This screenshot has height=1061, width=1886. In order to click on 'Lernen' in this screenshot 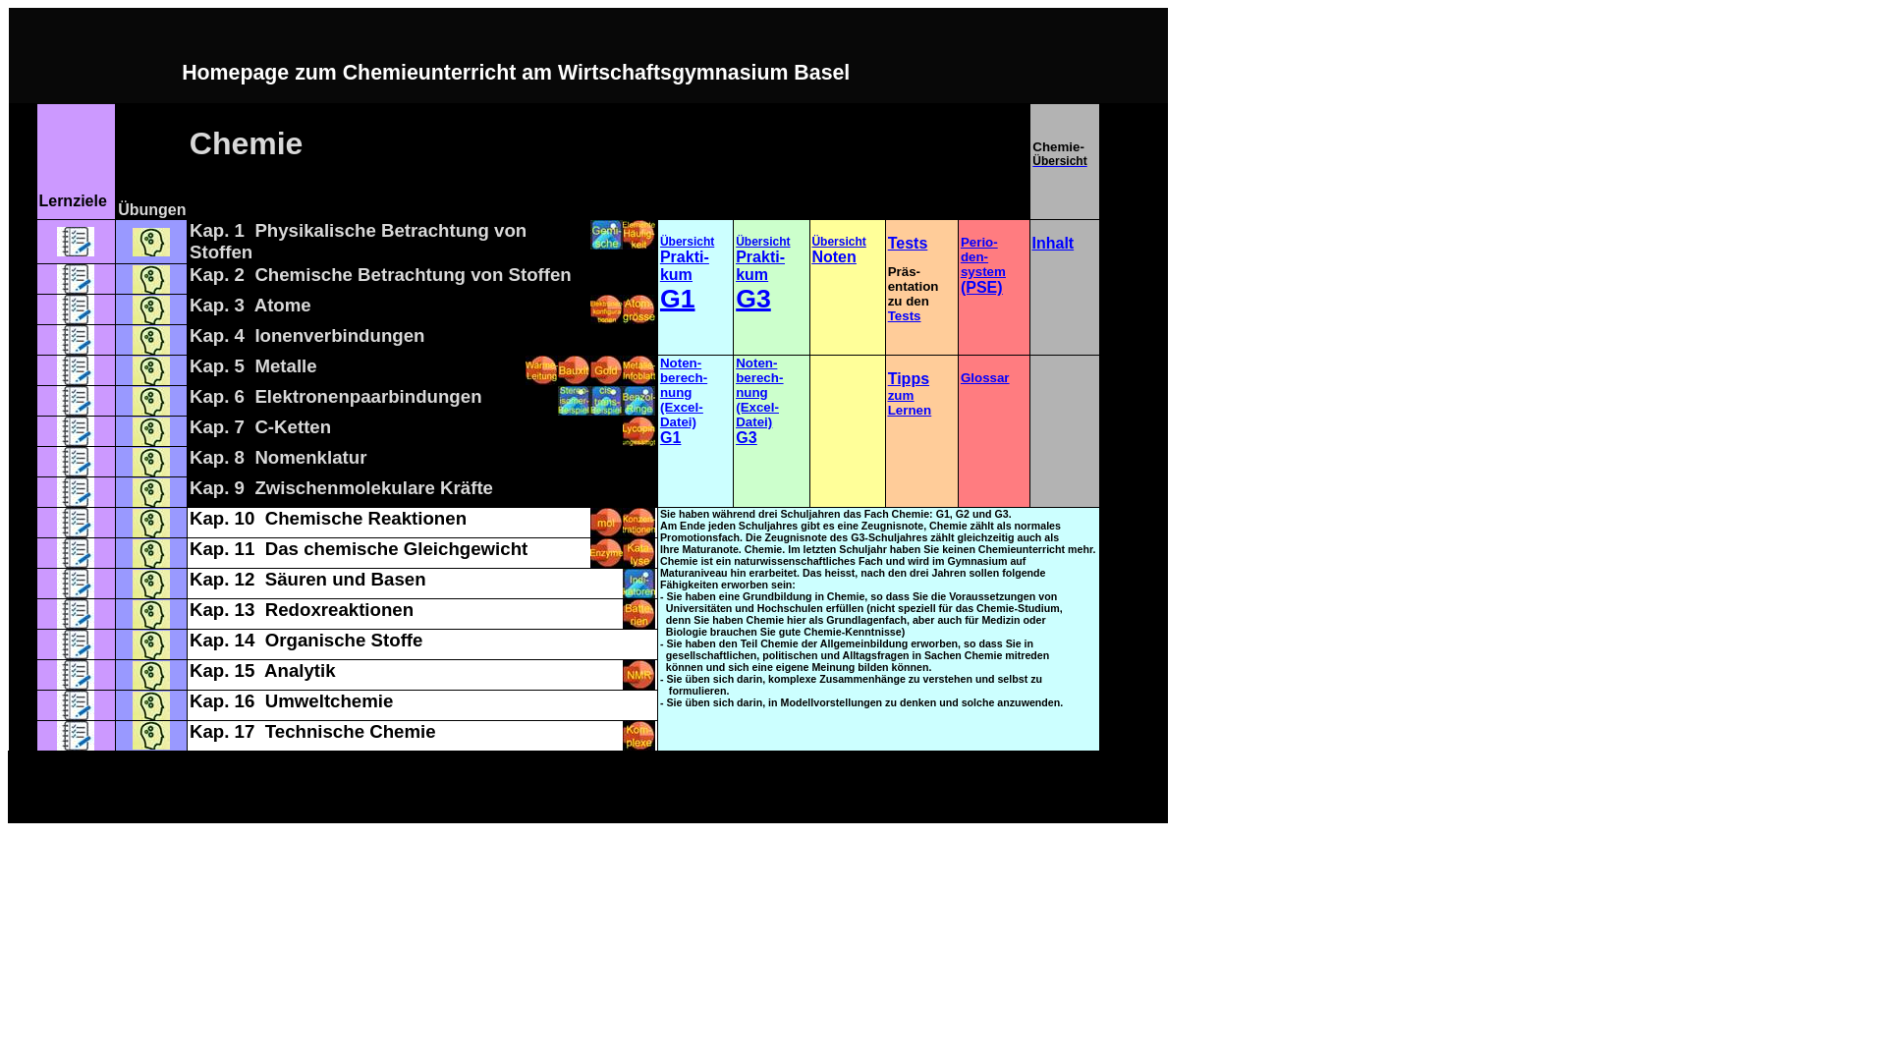, I will do `click(909, 409)`.